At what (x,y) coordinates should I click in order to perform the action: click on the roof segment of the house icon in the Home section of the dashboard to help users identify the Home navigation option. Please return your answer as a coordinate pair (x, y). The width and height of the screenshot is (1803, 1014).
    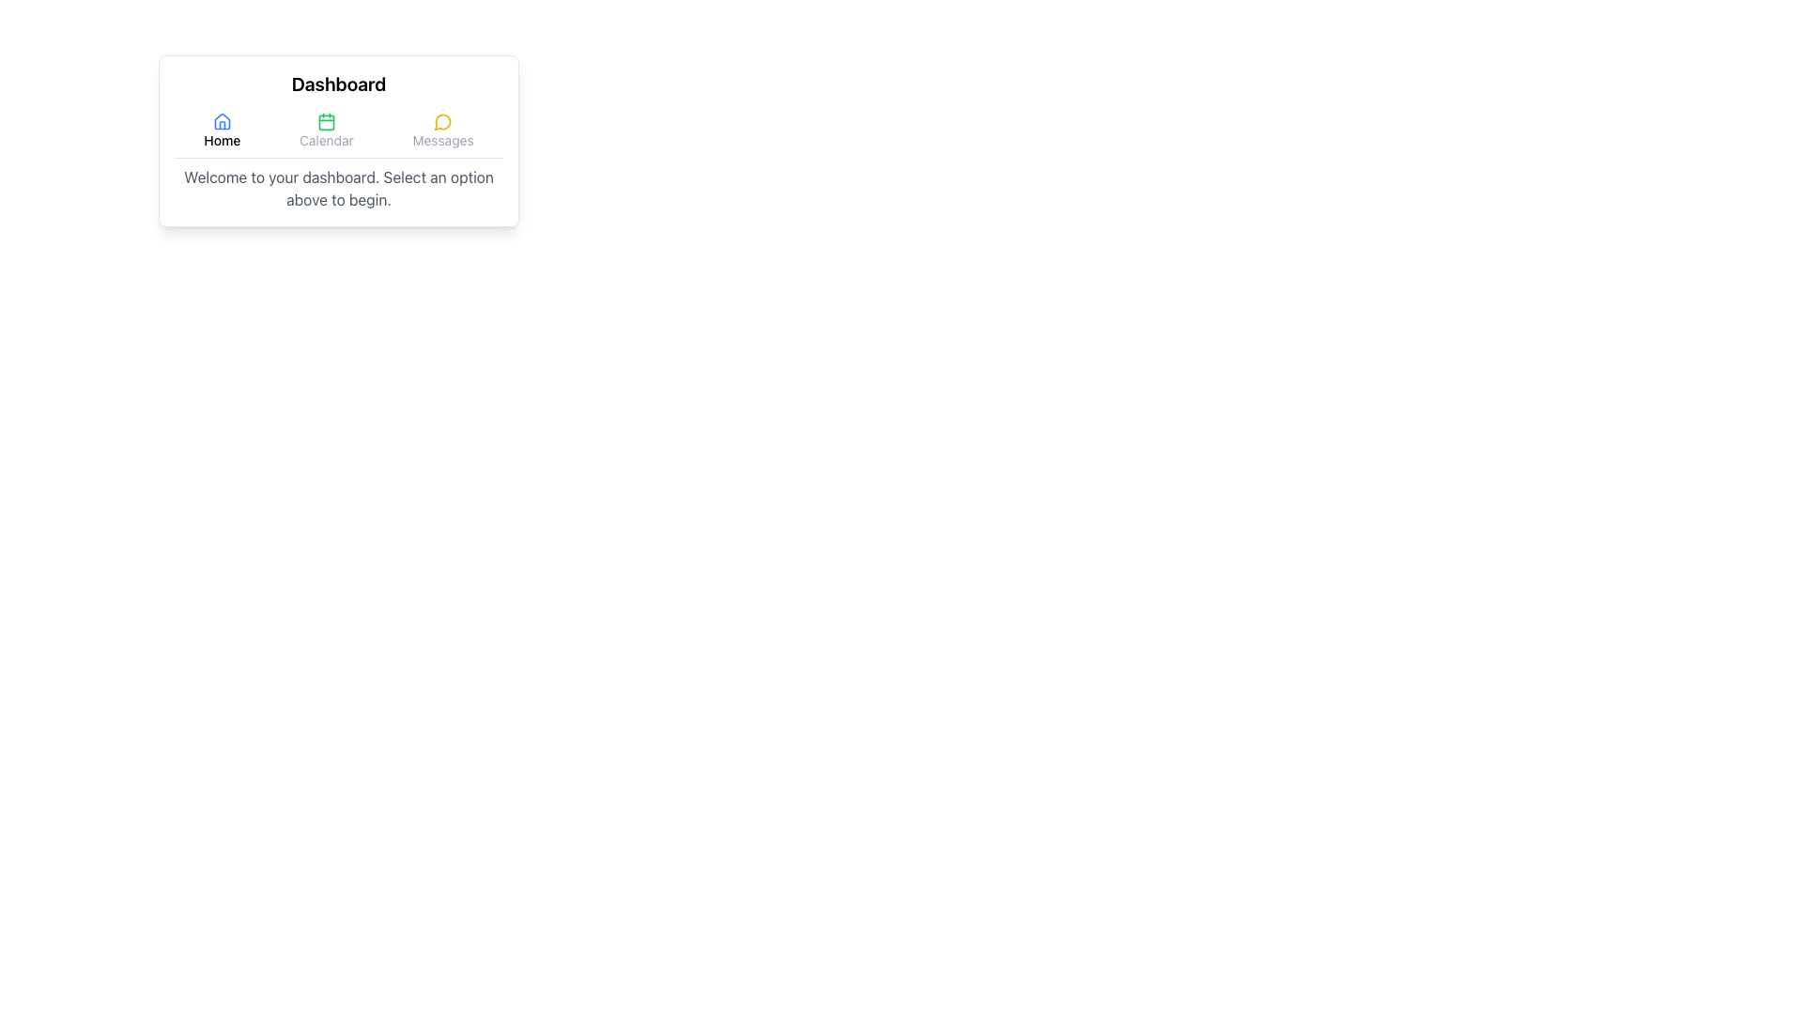
    Looking at the image, I should click on (222, 121).